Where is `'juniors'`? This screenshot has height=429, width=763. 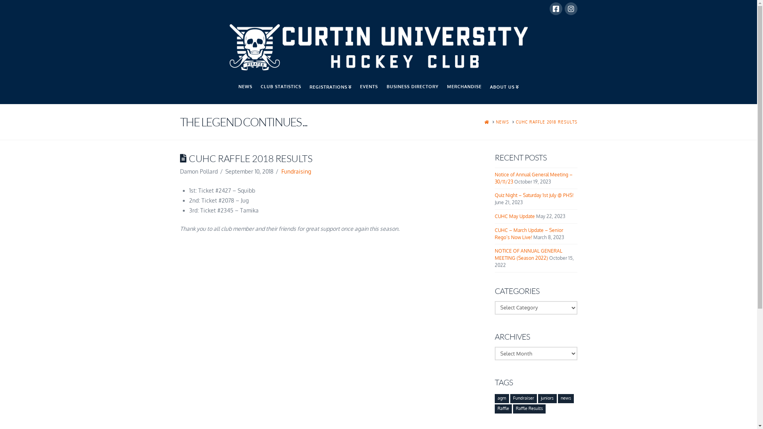 'juniors' is located at coordinates (547, 398).